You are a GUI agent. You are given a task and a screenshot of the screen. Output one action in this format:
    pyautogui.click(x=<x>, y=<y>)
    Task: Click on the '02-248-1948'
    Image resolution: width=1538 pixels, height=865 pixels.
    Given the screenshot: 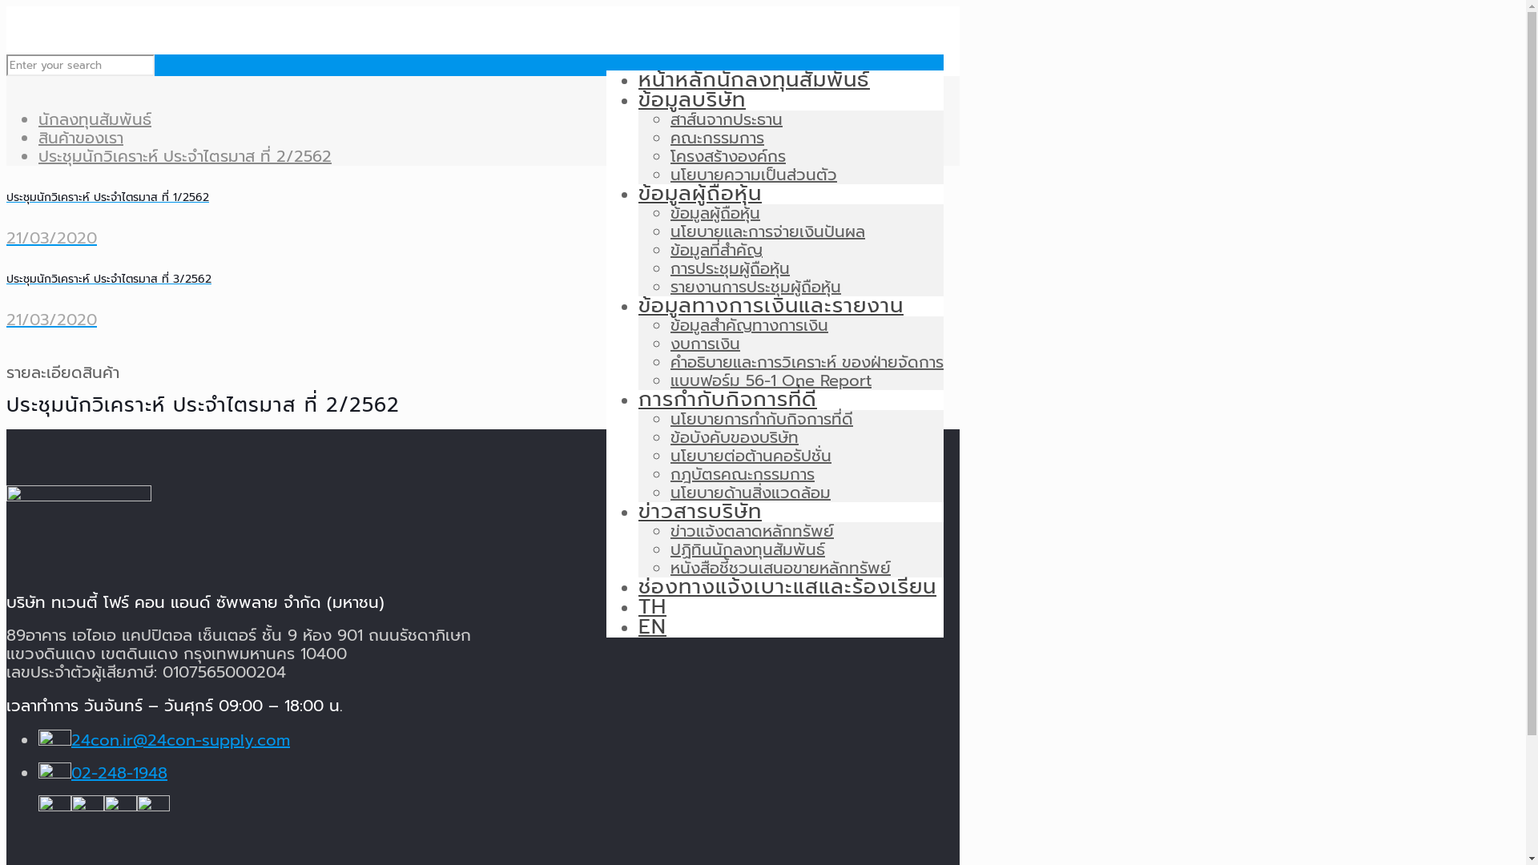 What is the action you would take?
    pyautogui.click(x=70, y=771)
    